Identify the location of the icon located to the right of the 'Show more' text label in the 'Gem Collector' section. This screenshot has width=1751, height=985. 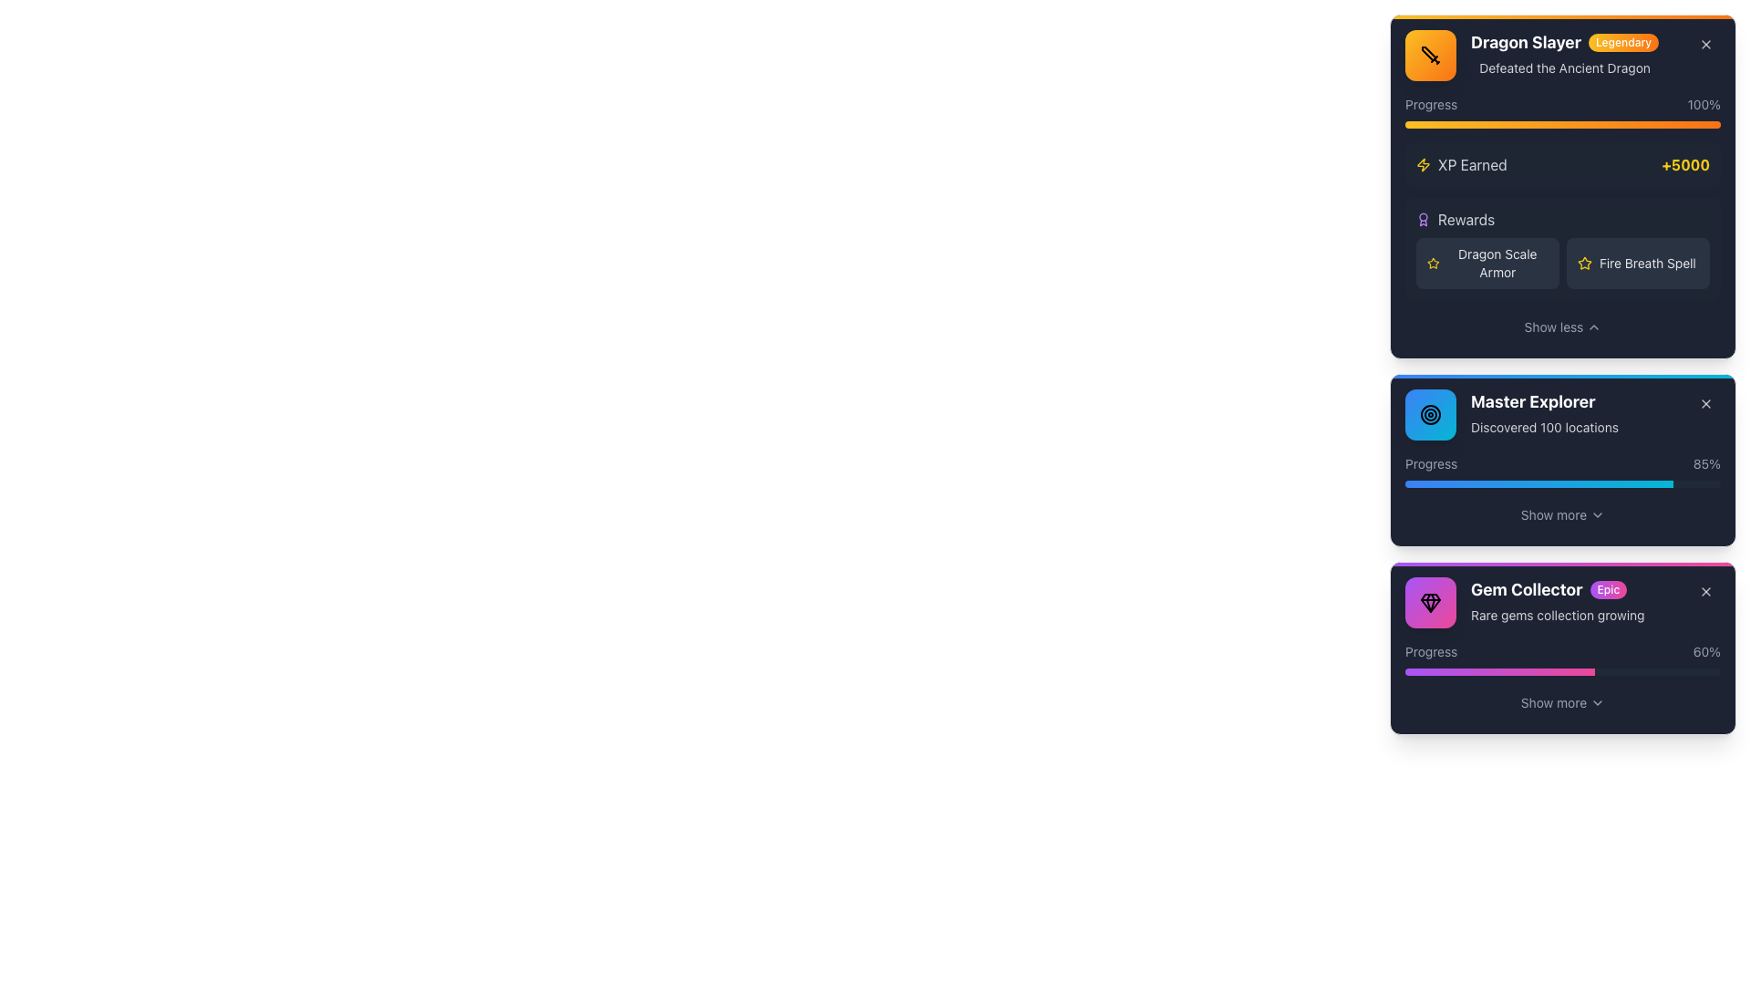
(1597, 702).